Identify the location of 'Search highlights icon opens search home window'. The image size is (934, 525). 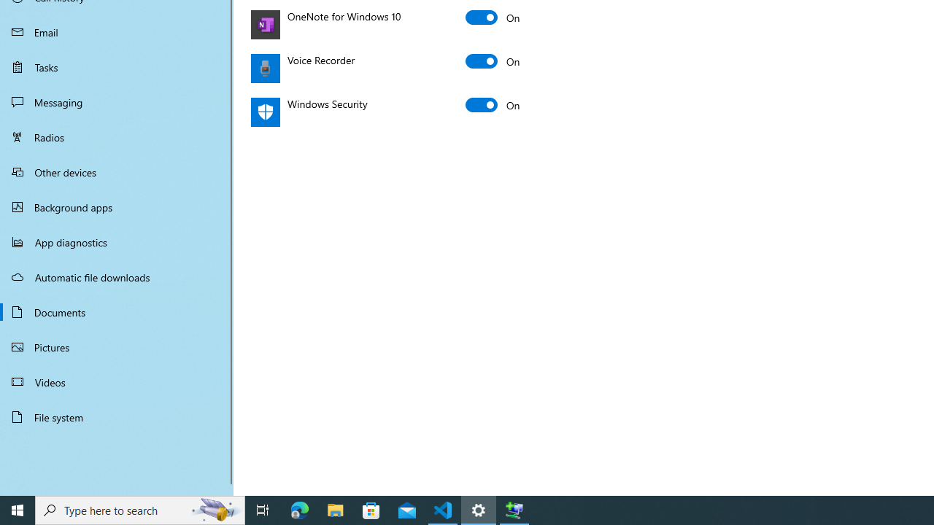
(215, 509).